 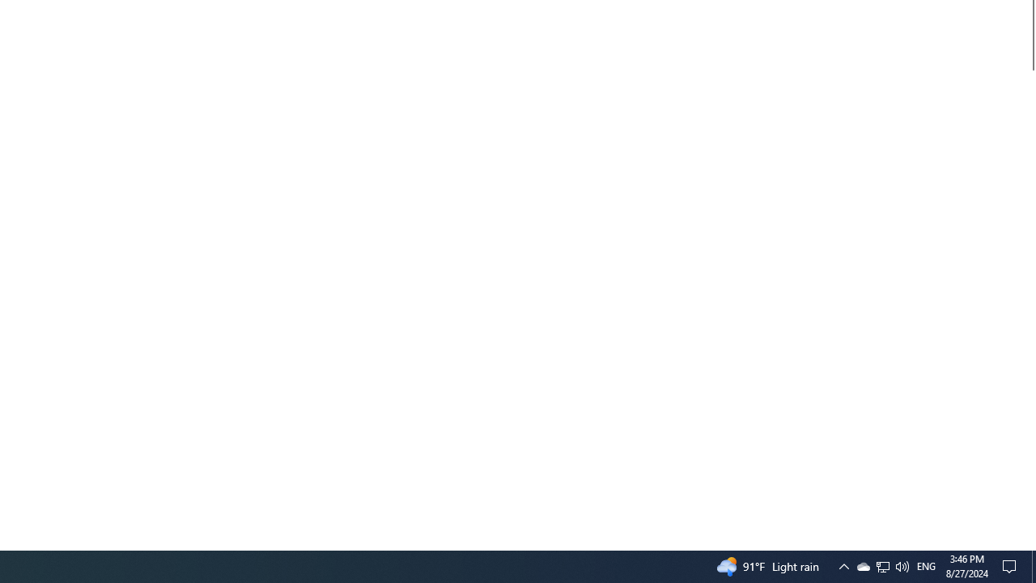 I want to click on 'Vertical Small Increase', so click(x=1029, y=543).